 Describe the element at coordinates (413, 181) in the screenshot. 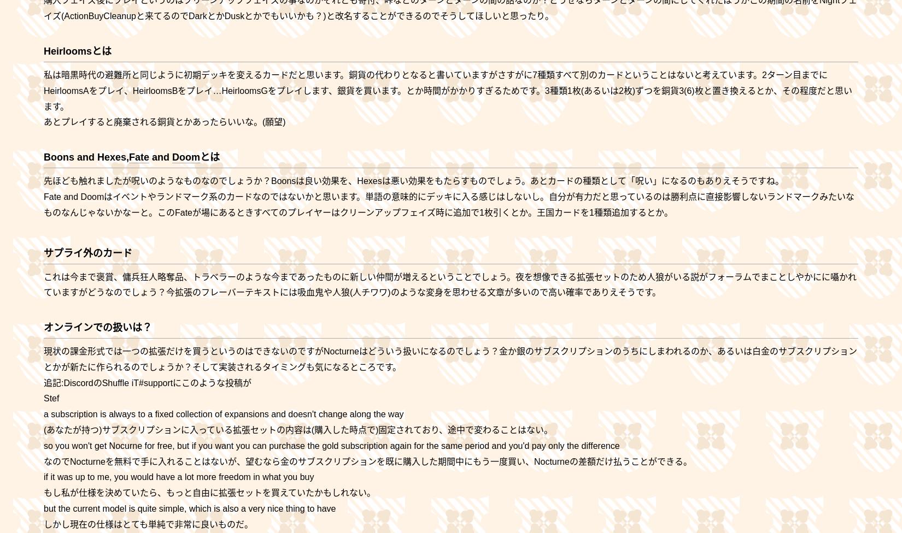

I see `'先ほども触れましたが呪いのようなものなのでしょうか？Boonsは良い効果を、Hexesは悪い効果をもたらすものでしょう。あとカードの種類として「呪い」になるのもありえそうですね。'` at that location.